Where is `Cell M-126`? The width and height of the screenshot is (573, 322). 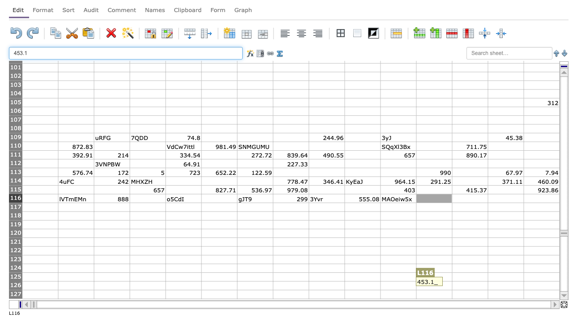 Cell M-126 is located at coordinates (469, 285).